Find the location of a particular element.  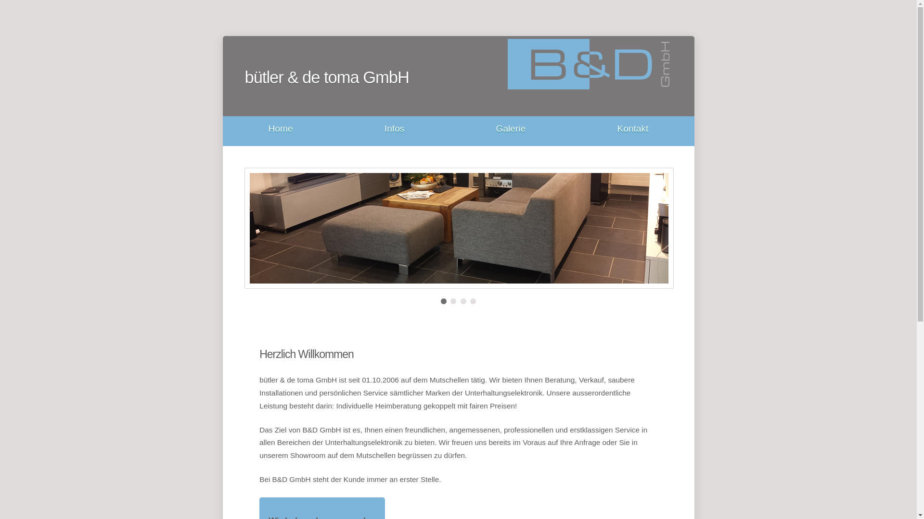

'Kontakt' is located at coordinates (632, 128).